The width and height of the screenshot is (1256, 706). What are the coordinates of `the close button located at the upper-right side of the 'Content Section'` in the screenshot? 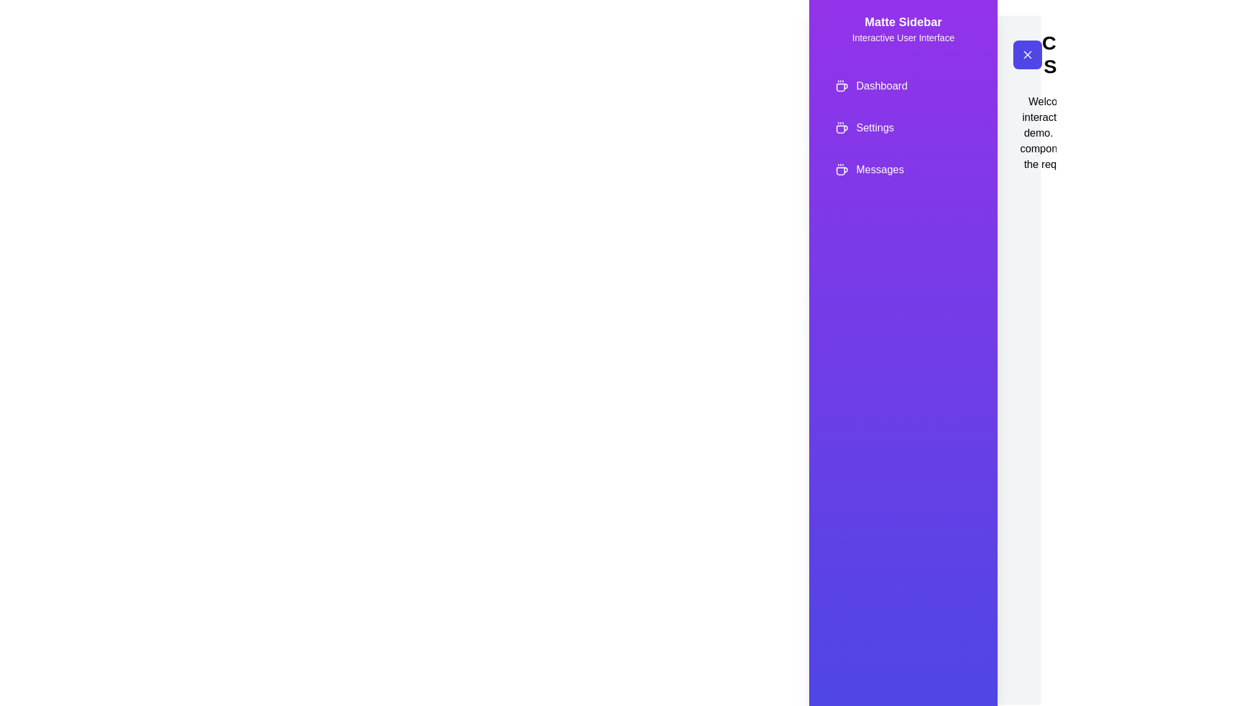 It's located at (1026, 54).